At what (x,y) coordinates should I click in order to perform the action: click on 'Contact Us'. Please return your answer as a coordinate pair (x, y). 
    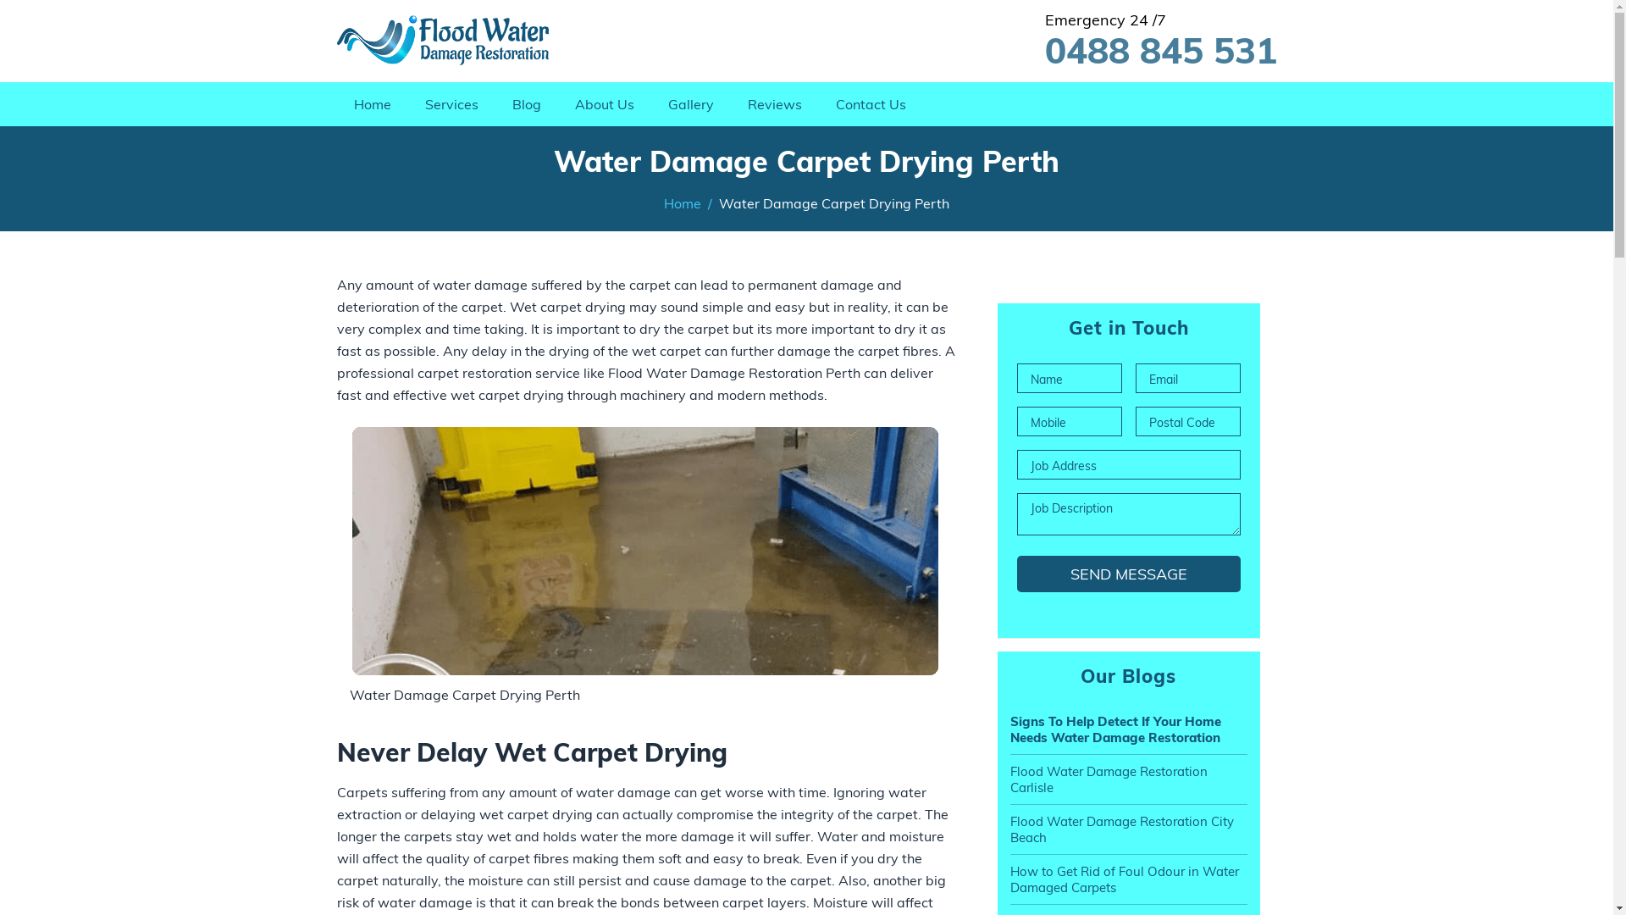
    Looking at the image, I should click on (870, 104).